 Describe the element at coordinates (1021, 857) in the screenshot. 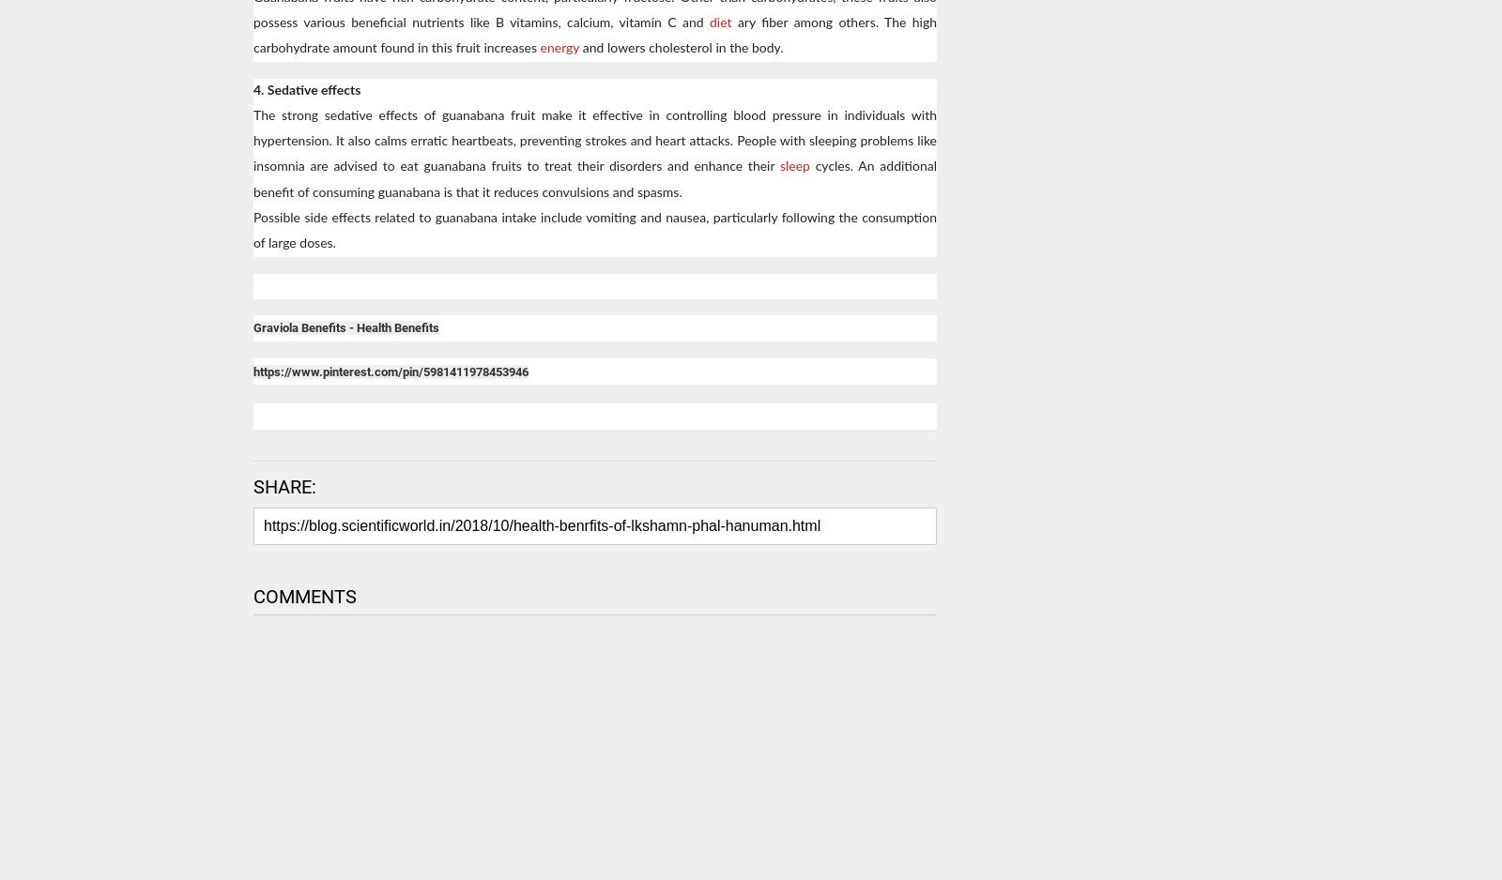

I see `'महर्षि सुश्रुत और सुश्रुत संहिता ग्रंथ - Sushruta Samhita in Hindi'` at that location.